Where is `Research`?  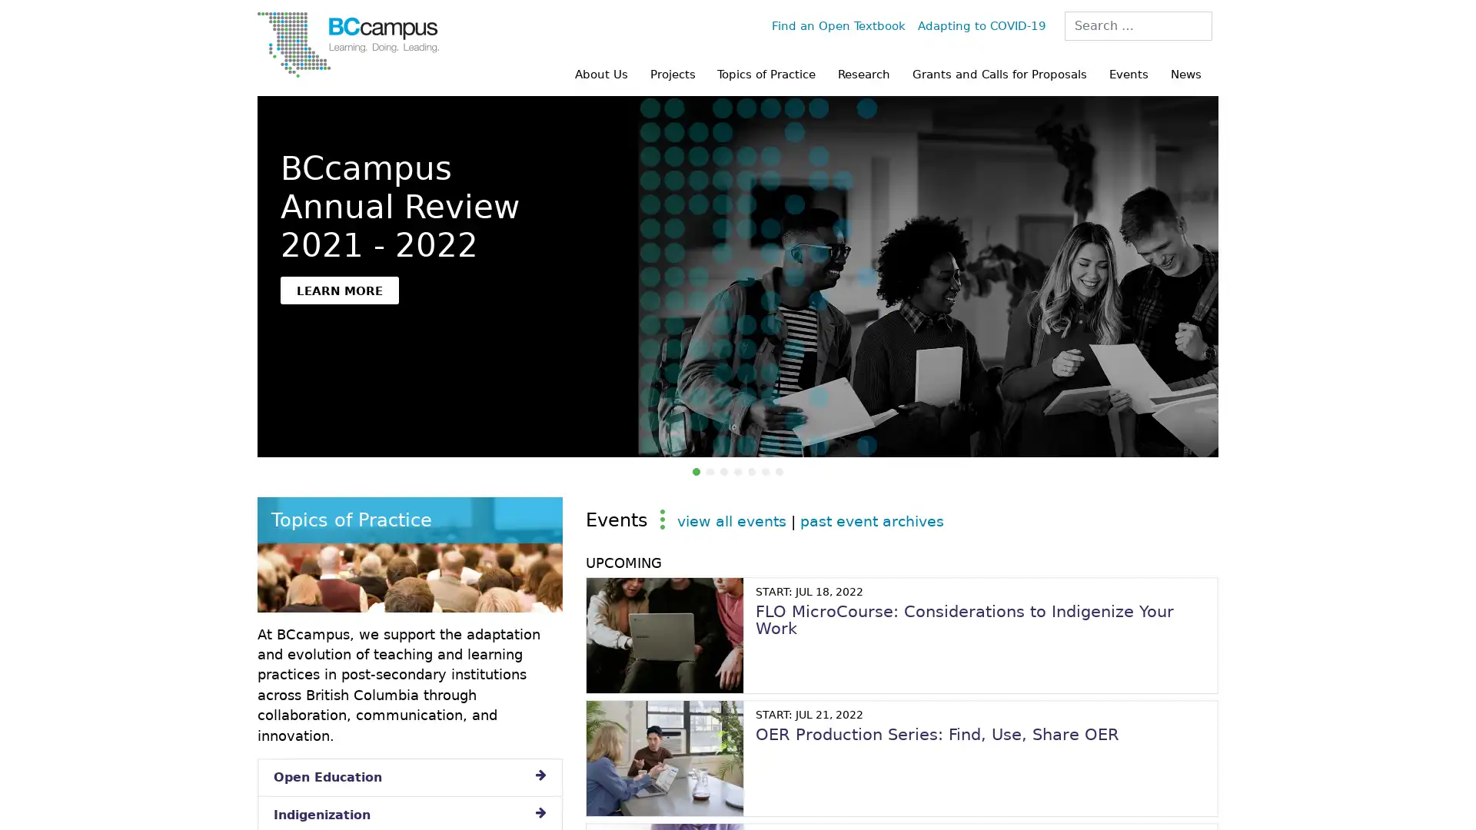
Research is located at coordinates (709, 470).